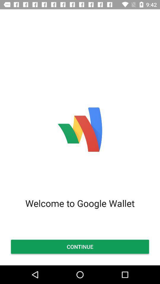  What do you see at coordinates (80, 247) in the screenshot?
I see `the item below the welcome to google` at bounding box center [80, 247].